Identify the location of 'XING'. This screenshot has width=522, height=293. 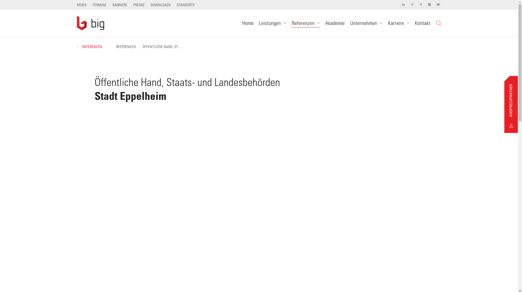
(412, 4).